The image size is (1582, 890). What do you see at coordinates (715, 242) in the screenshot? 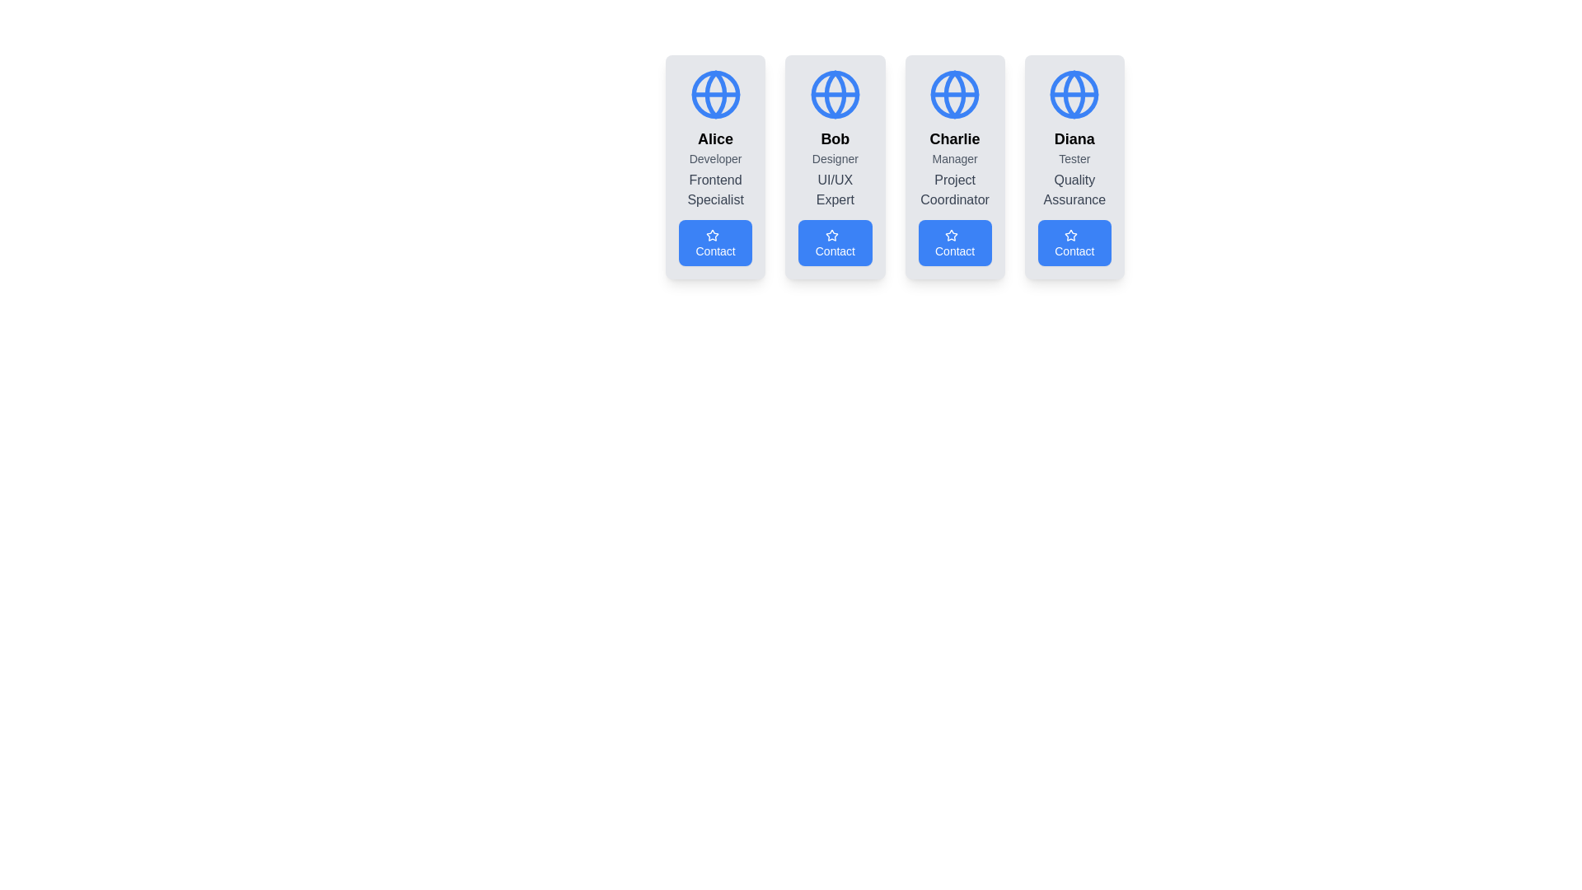
I see `the 'Contact' button with a blue background and white star icon, located below 'Frontend Specialist' in Alice's profile card` at bounding box center [715, 242].